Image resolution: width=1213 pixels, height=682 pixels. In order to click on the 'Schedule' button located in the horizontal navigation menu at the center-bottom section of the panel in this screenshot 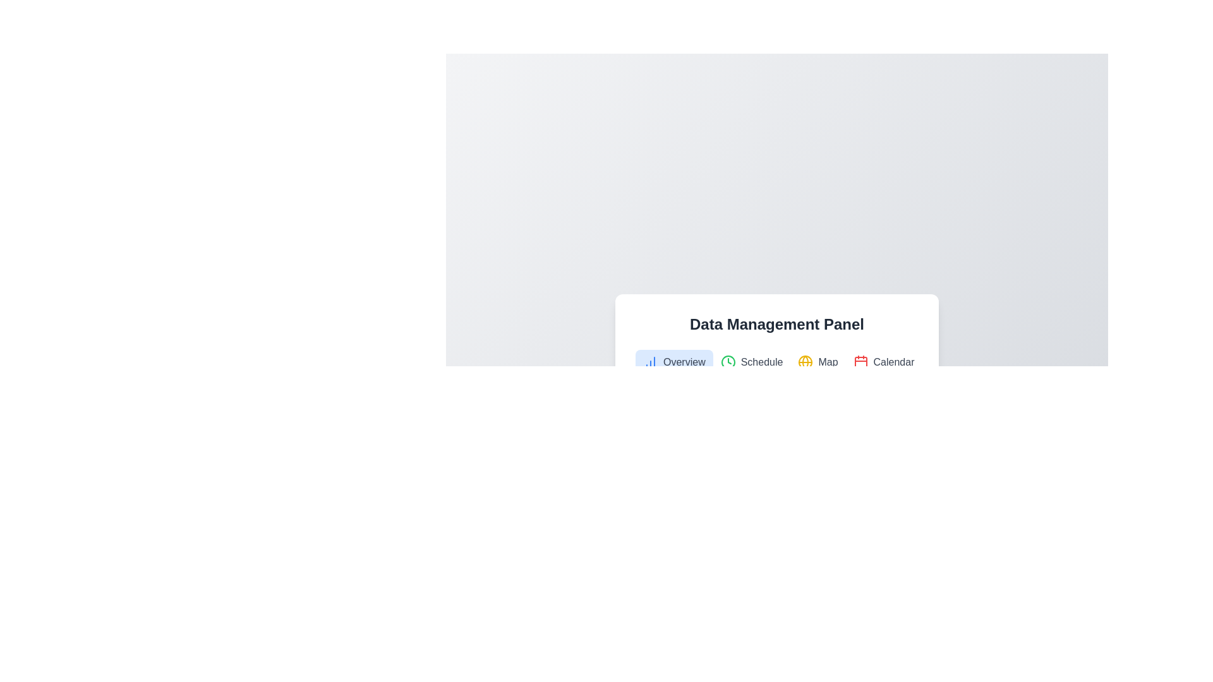, I will do `click(752, 362)`.